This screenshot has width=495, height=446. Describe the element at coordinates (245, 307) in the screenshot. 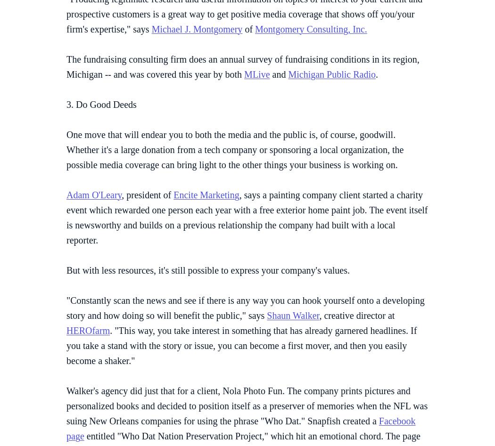

I see `'"Constantly scan the news and see if there is any way you can hook yourself onto a developing story and how doing so will benefit the public," says'` at that location.